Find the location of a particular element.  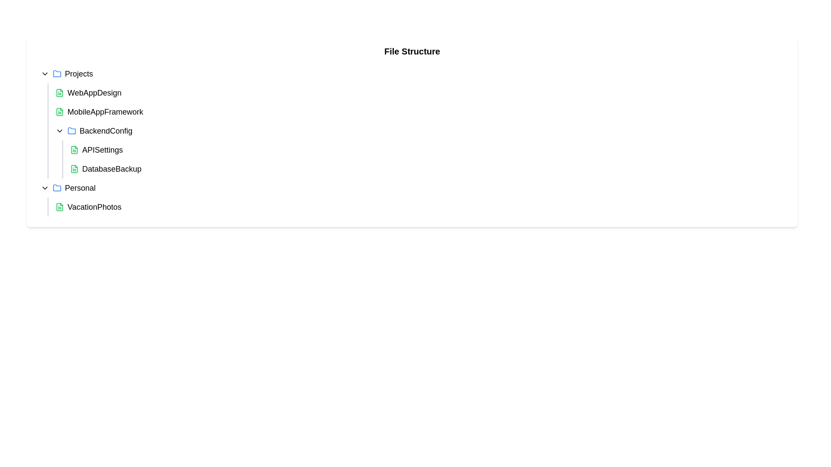

the static text label representing a folder, located in the fourth position within its row is located at coordinates (80, 188).